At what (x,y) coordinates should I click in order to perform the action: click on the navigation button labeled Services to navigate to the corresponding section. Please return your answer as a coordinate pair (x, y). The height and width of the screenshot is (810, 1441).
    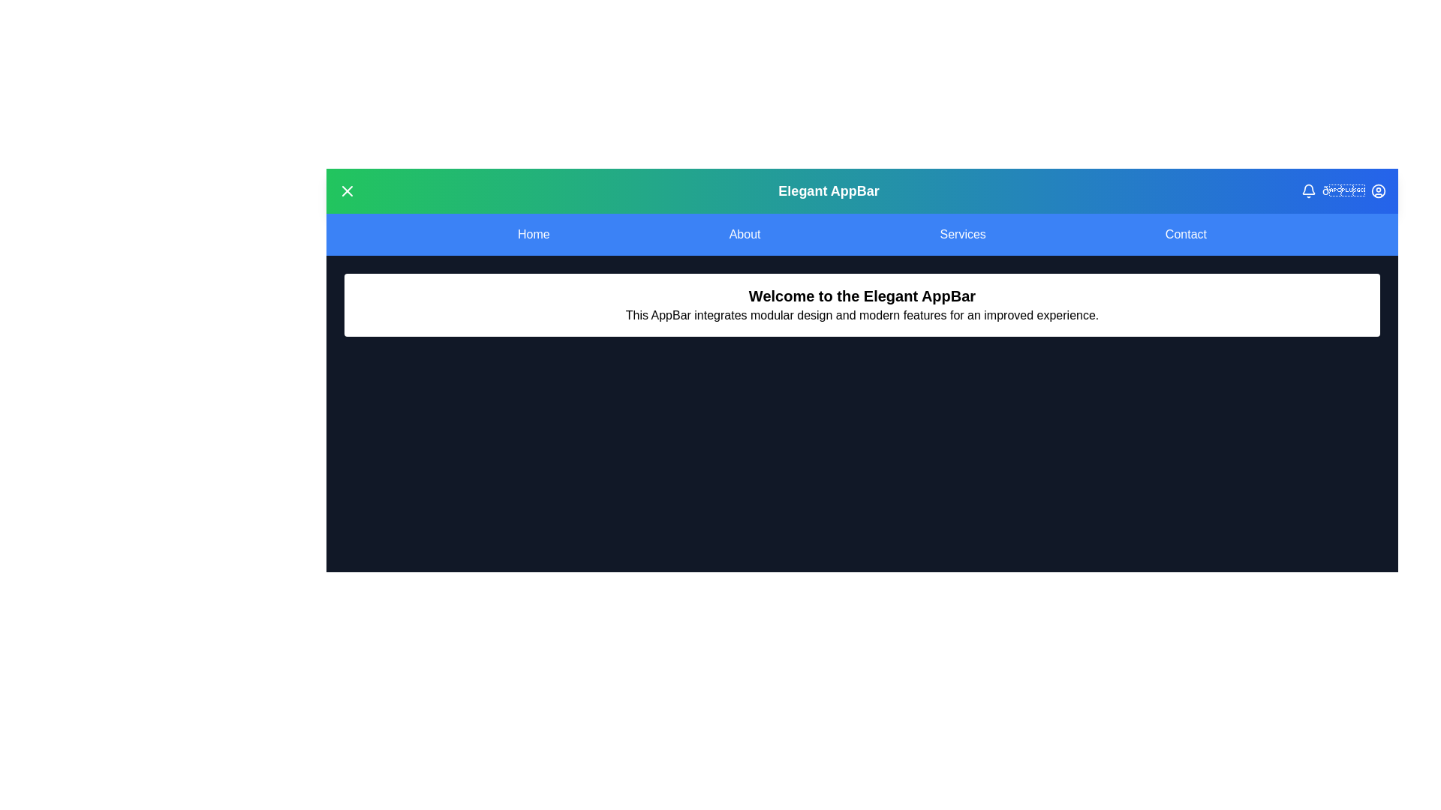
    Looking at the image, I should click on (962, 234).